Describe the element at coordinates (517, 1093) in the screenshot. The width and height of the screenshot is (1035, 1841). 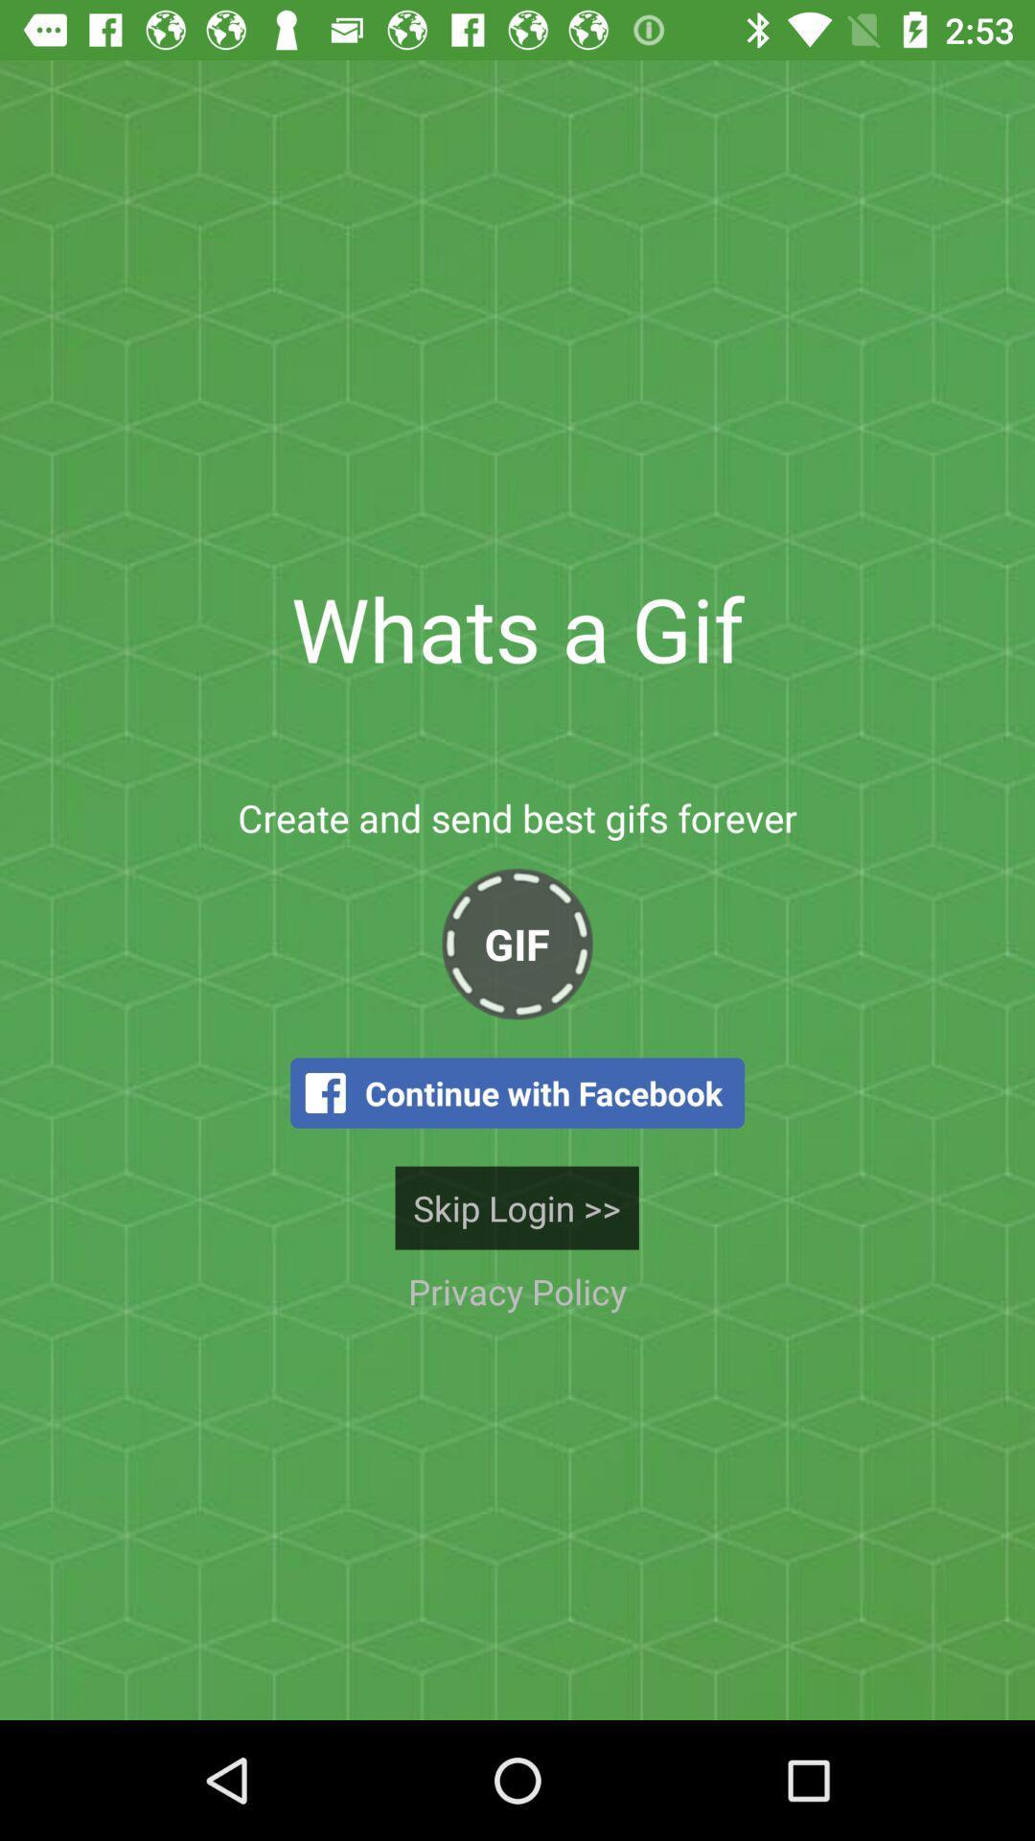
I see `item above the skip login >>` at that location.